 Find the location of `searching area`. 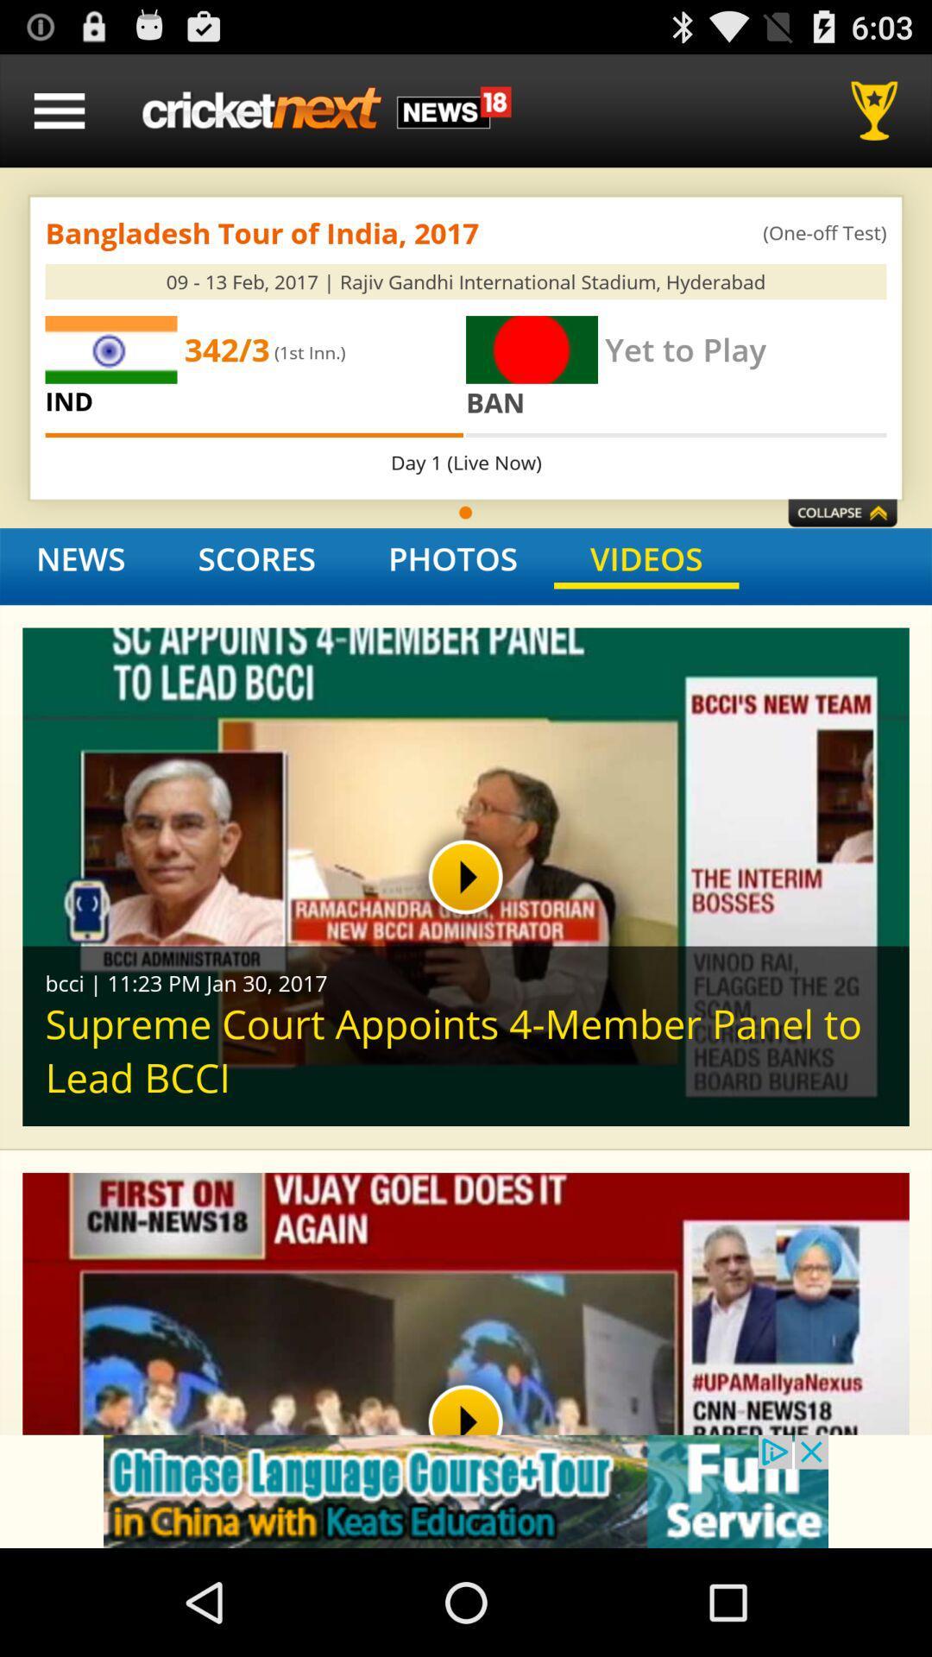

searching area is located at coordinates (326, 110).